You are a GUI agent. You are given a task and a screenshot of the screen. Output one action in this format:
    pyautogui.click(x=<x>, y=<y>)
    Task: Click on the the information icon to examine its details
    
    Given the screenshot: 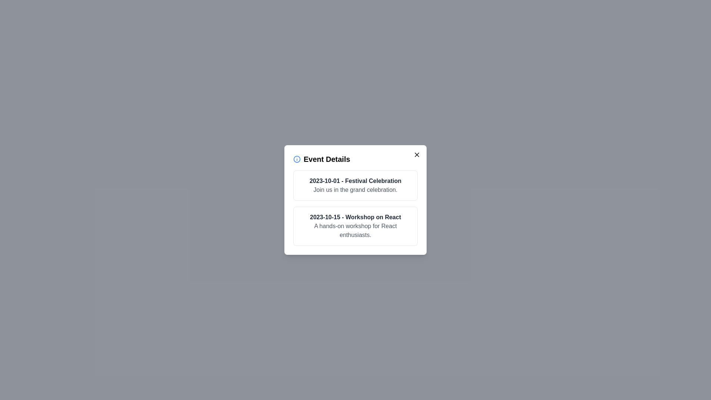 What is the action you would take?
    pyautogui.click(x=297, y=159)
    